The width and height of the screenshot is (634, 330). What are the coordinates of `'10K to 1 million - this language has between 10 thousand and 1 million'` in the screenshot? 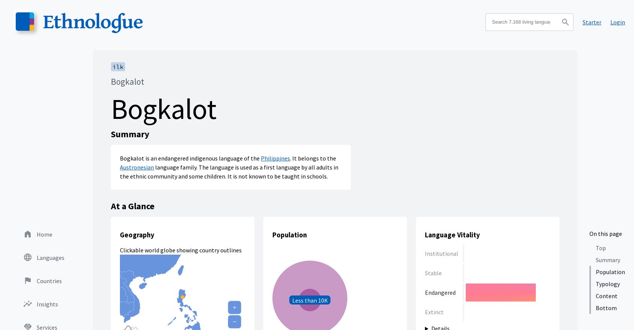 It's located at (329, 222).